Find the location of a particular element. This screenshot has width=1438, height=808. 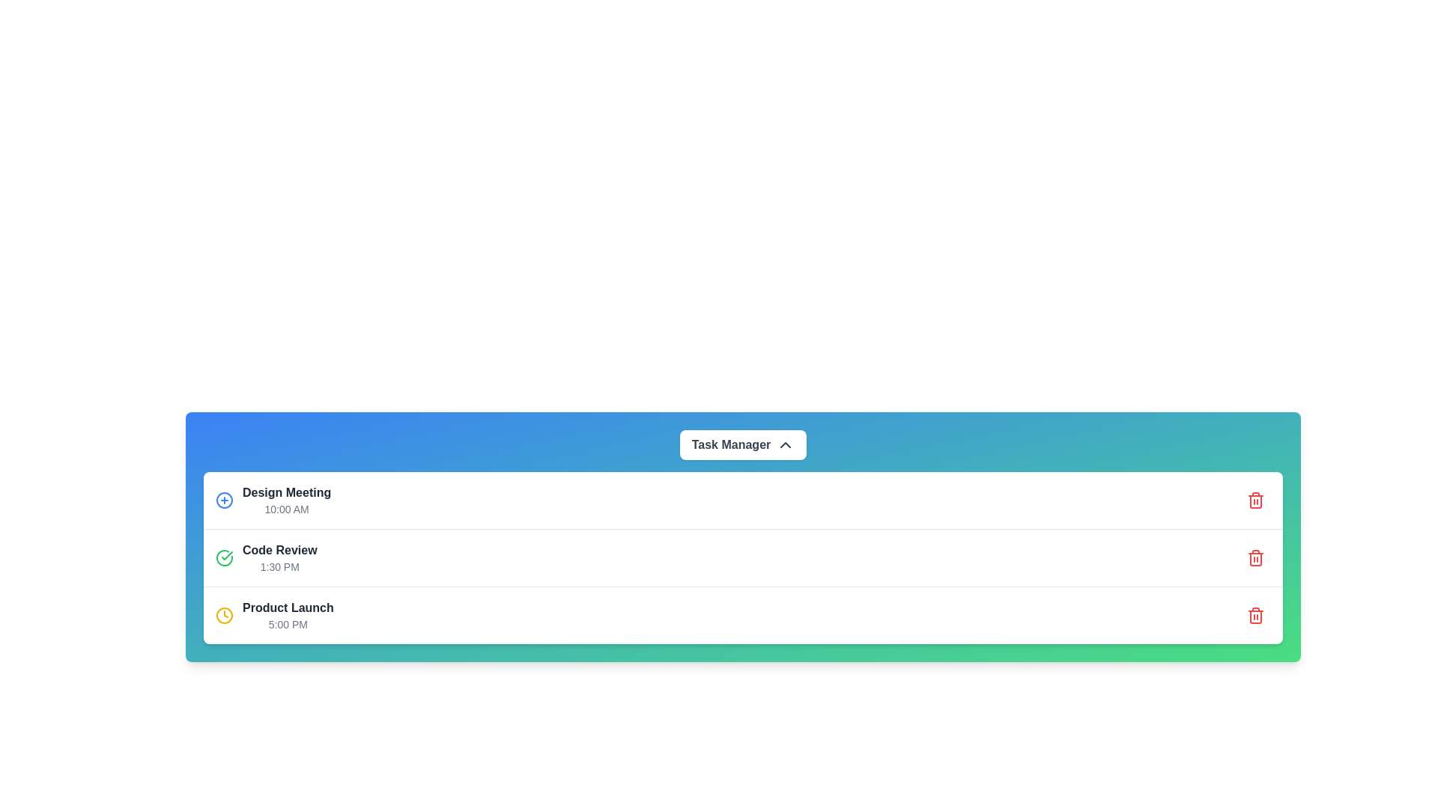

the third scheduled task in the task management application, located between 'Code Review' and the bottom of the list is located at coordinates (274, 615).